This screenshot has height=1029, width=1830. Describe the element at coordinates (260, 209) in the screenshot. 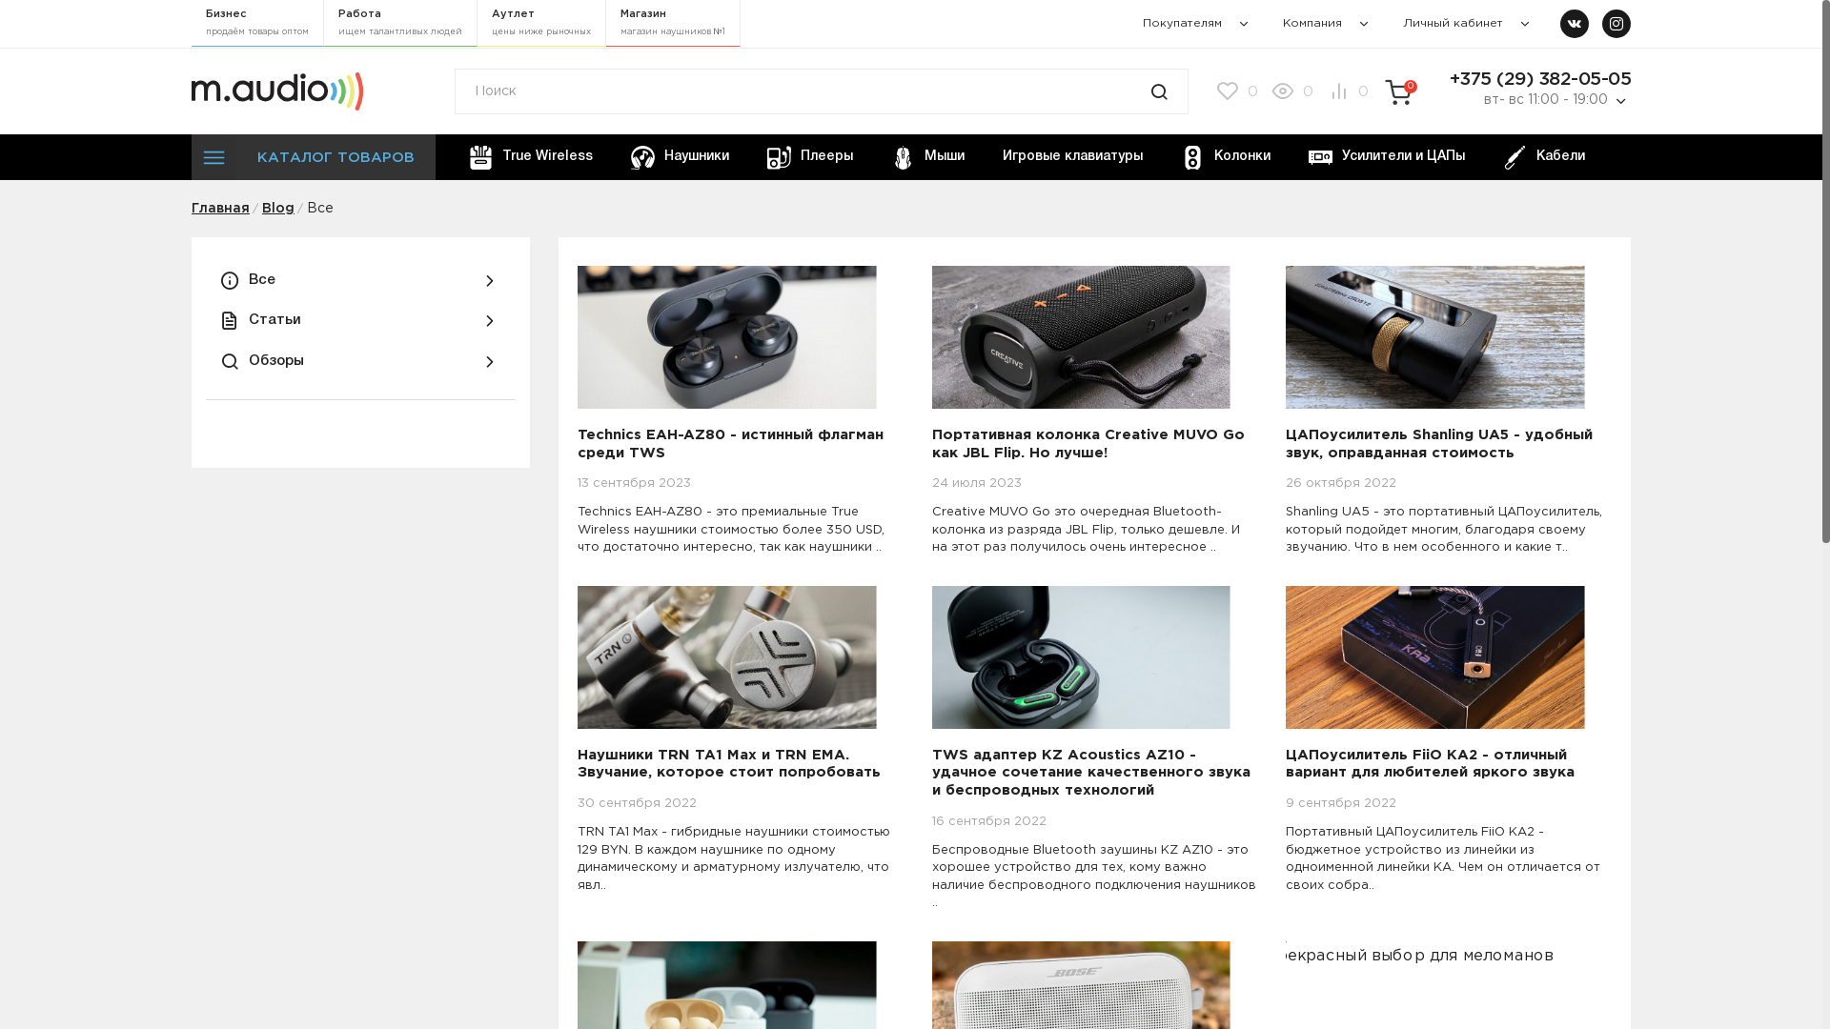

I see `'Blog'` at that location.